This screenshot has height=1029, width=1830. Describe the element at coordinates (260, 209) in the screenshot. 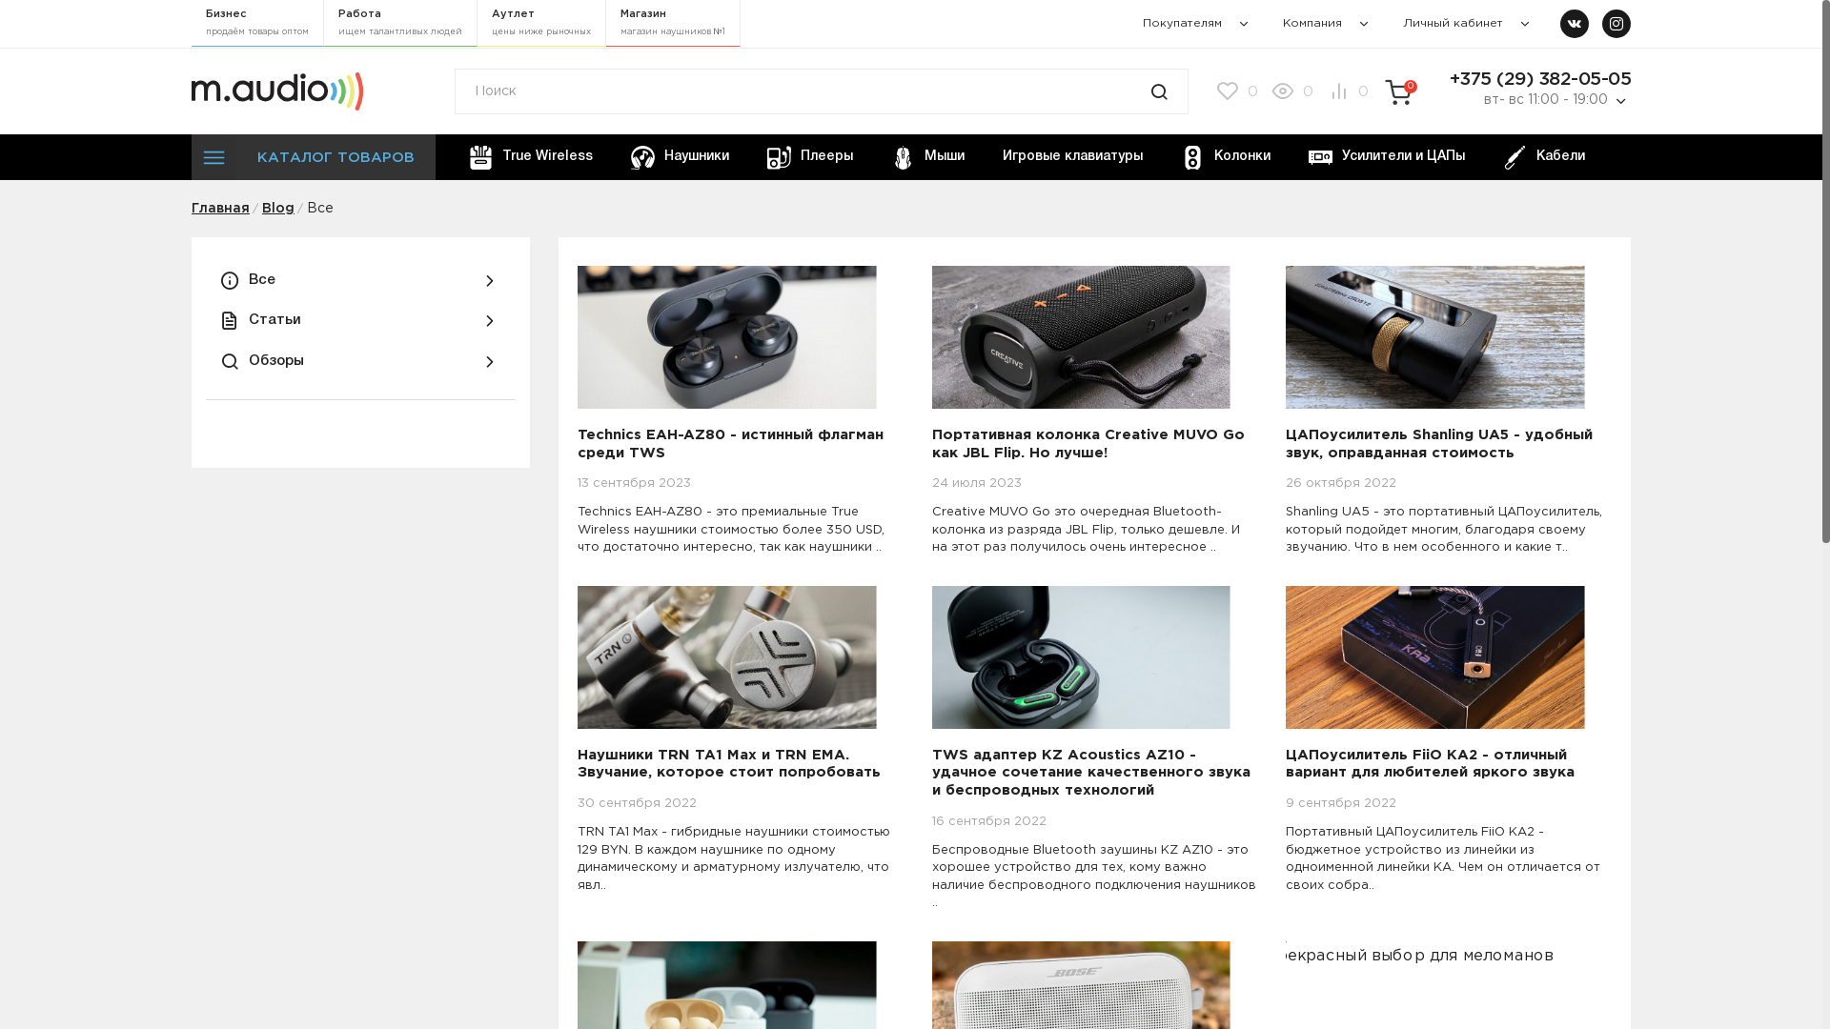

I see `'Blog'` at that location.